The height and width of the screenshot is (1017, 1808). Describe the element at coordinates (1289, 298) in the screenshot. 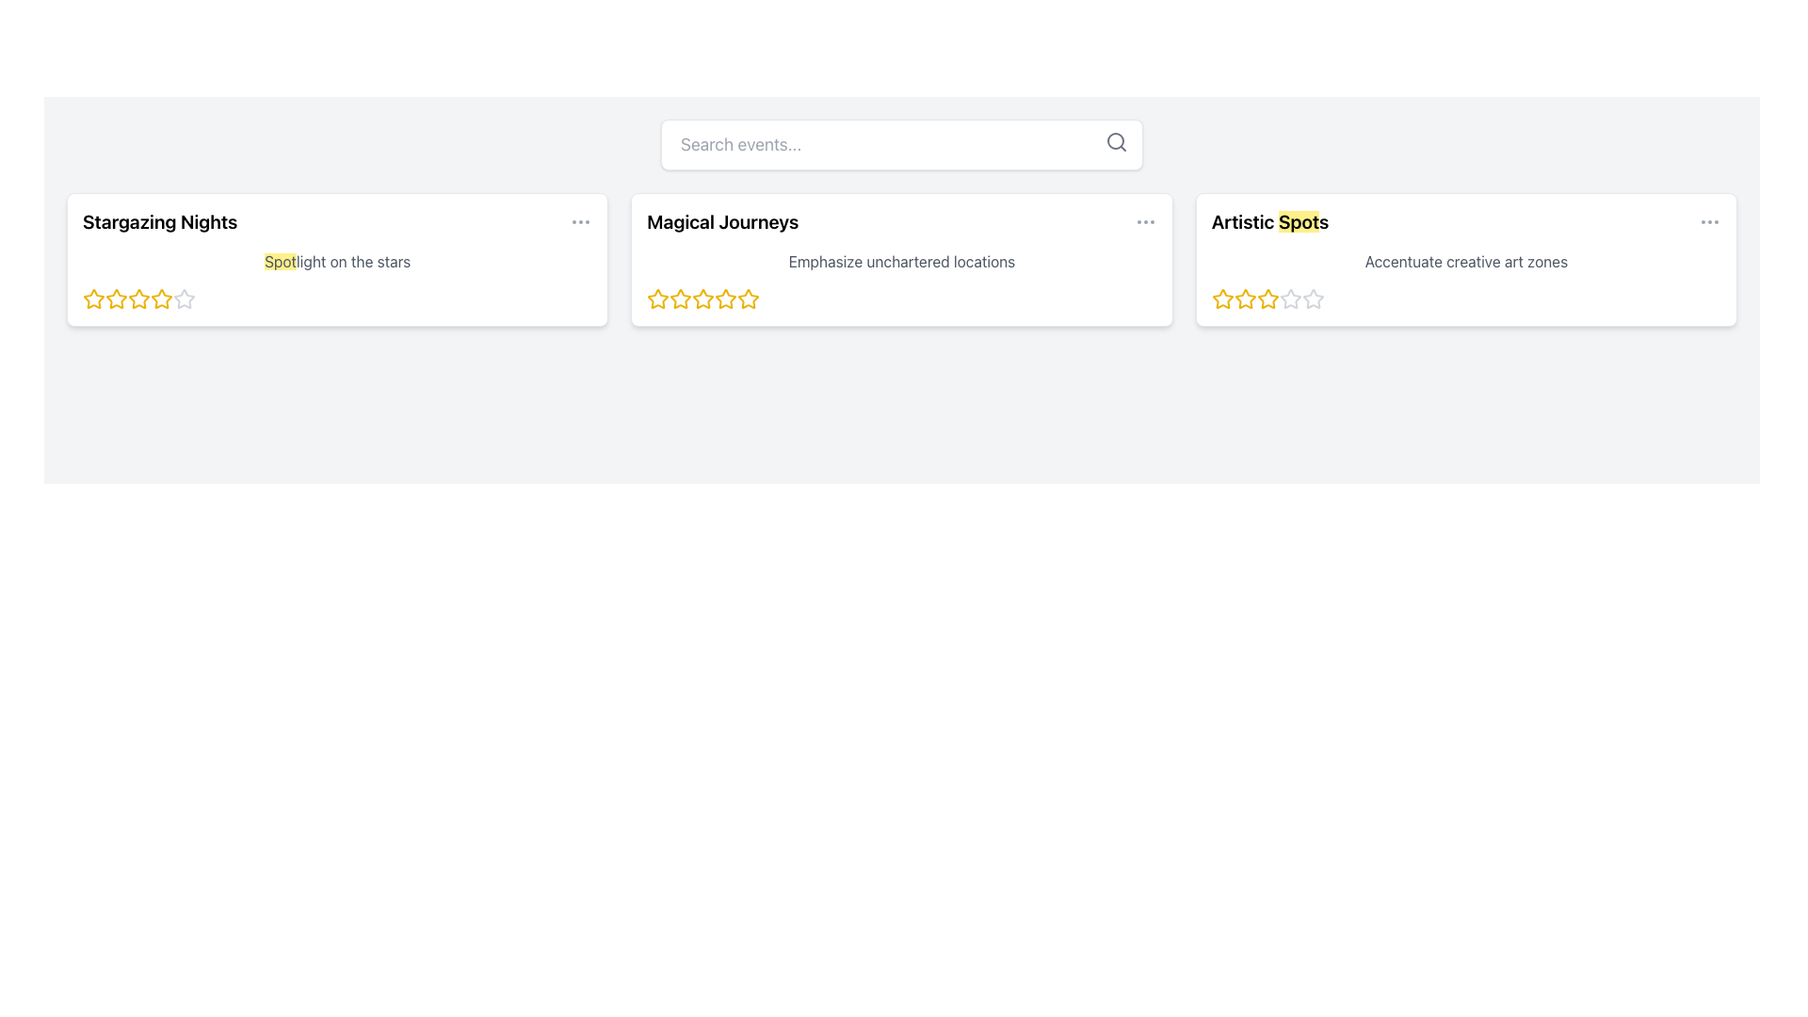

I see `the star icon in the third position of the rating section in the 'Artistic Spots' card` at that location.